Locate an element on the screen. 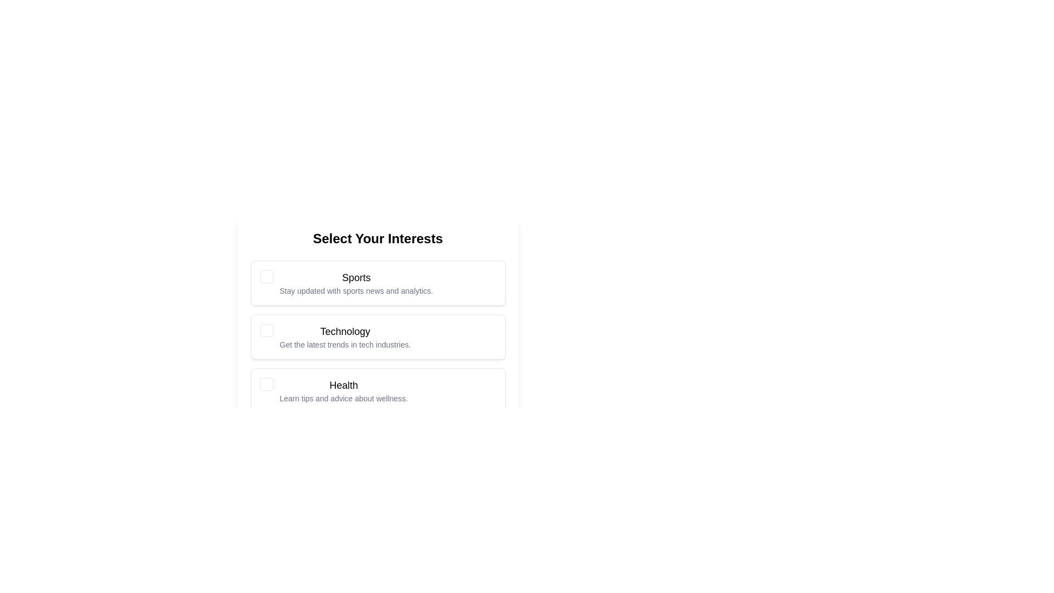 This screenshot has height=593, width=1054. the checkbox corresponding to Technology is located at coordinates (266, 329).